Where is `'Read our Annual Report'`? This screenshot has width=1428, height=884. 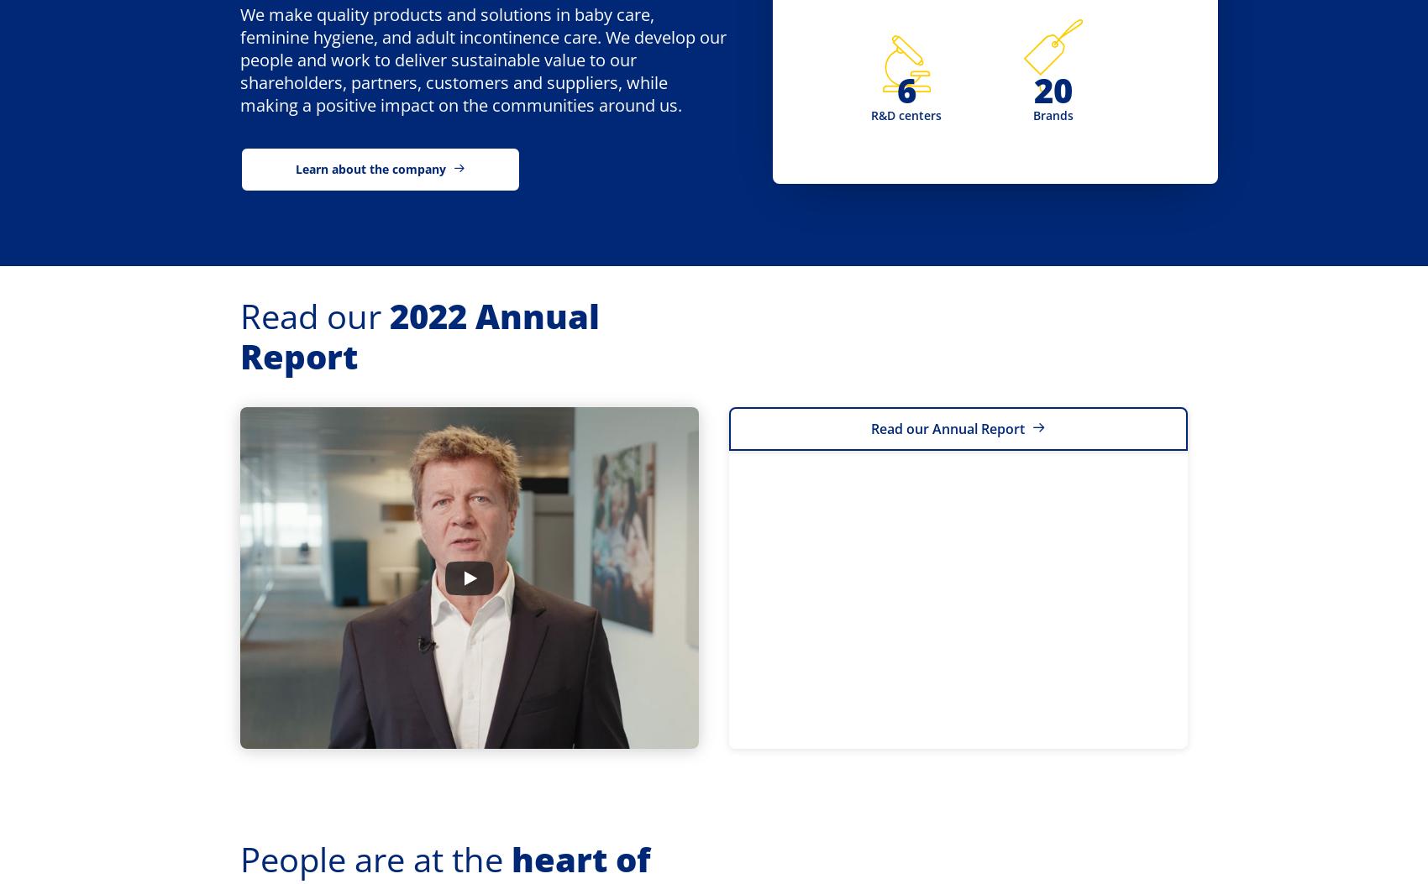
'Read our Annual Report' is located at coordinates (948, 427).